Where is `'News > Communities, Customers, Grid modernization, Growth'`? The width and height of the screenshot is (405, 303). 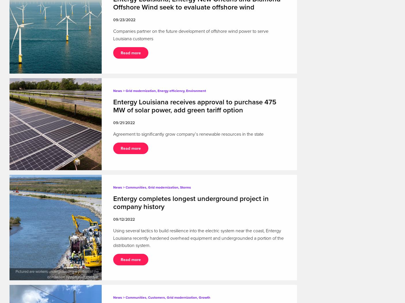
'News > Communities, Customers, Grid modernization, Growth' is located at coordinates (113, 297).